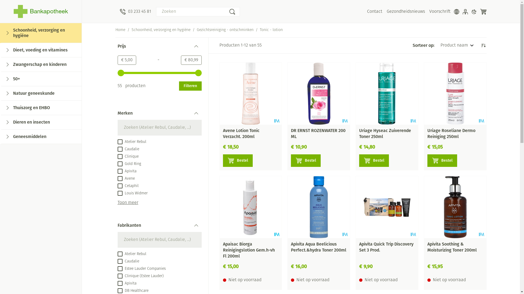 Image resolution: width=524 pixels, height=294 pixels. What do you see at coordinates (41, 64) in the screenshot?
I see `'Zwangerschap en kinderen'` at bounding box center [41, 64].